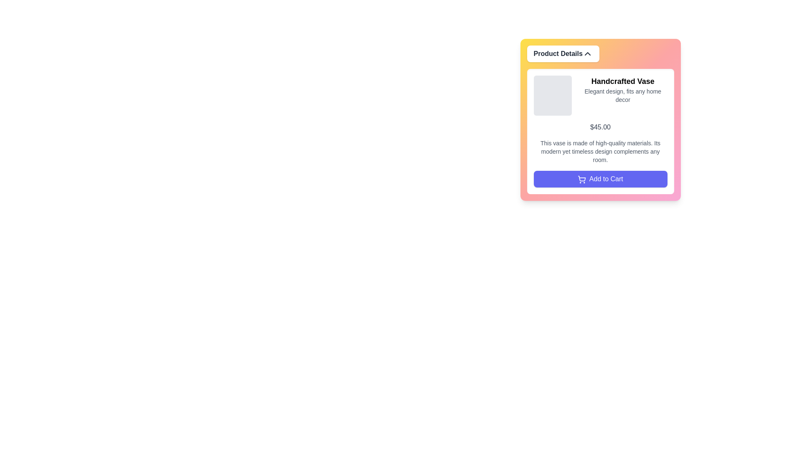 This screenshot has height=451, width=802. Describe the element at coordinates (623, 95) in the screenshot. I see `the text element that provides a brief description of the product, located directly below the title 'Handcrafted Vase' in the card layout` at that location.